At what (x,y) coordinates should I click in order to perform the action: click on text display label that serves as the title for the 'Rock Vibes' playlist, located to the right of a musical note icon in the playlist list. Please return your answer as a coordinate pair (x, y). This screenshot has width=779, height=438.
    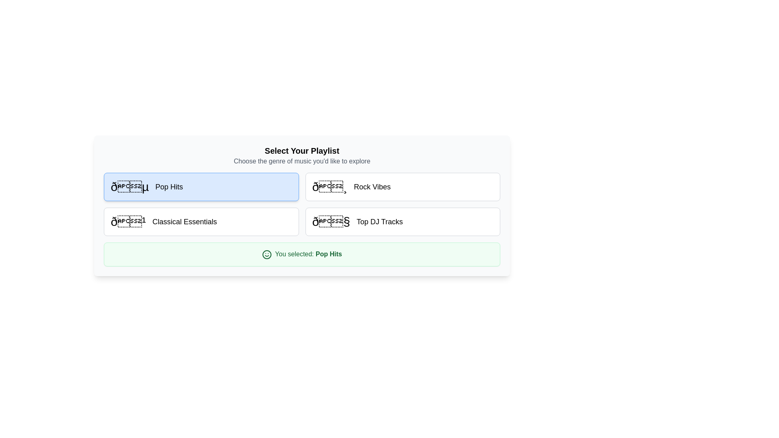
    Looking at the image, I should click on (372, 187).